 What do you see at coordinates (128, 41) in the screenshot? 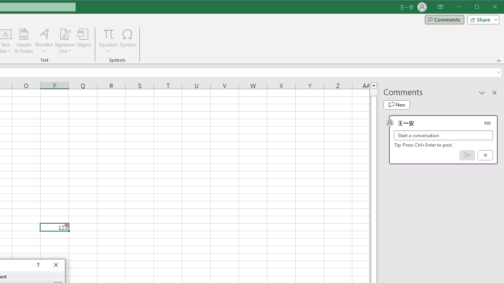
I see `'Symbol...'` at bounding box center [128, 41].